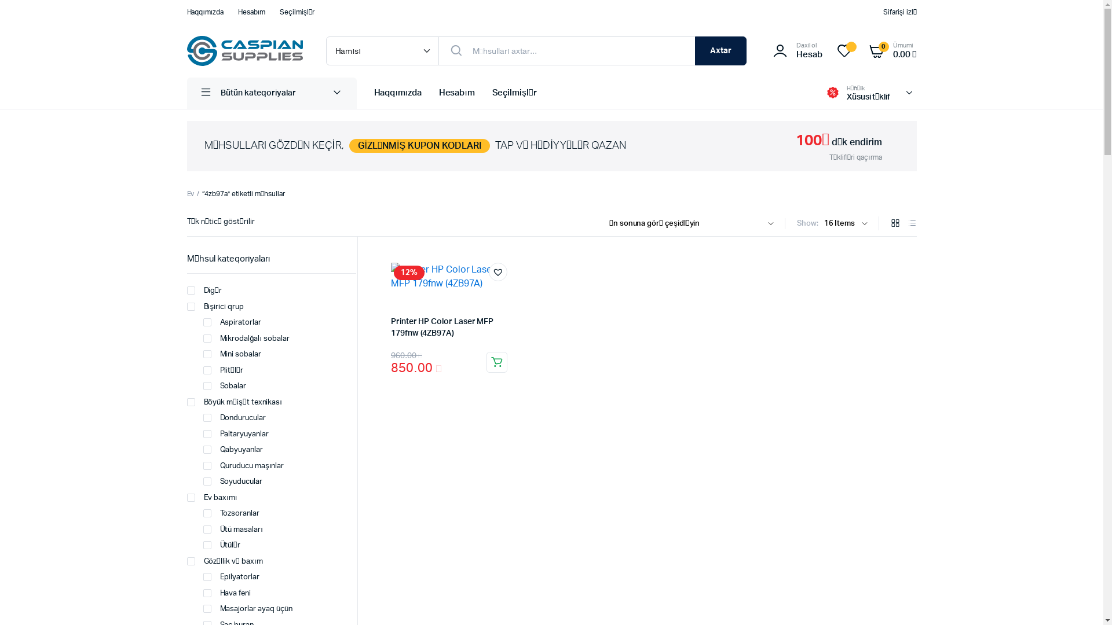 The image size is (1112, 625). Describe the element at coordinates (720, 50) in the screenshot. I see `'Axtar'` at that location.